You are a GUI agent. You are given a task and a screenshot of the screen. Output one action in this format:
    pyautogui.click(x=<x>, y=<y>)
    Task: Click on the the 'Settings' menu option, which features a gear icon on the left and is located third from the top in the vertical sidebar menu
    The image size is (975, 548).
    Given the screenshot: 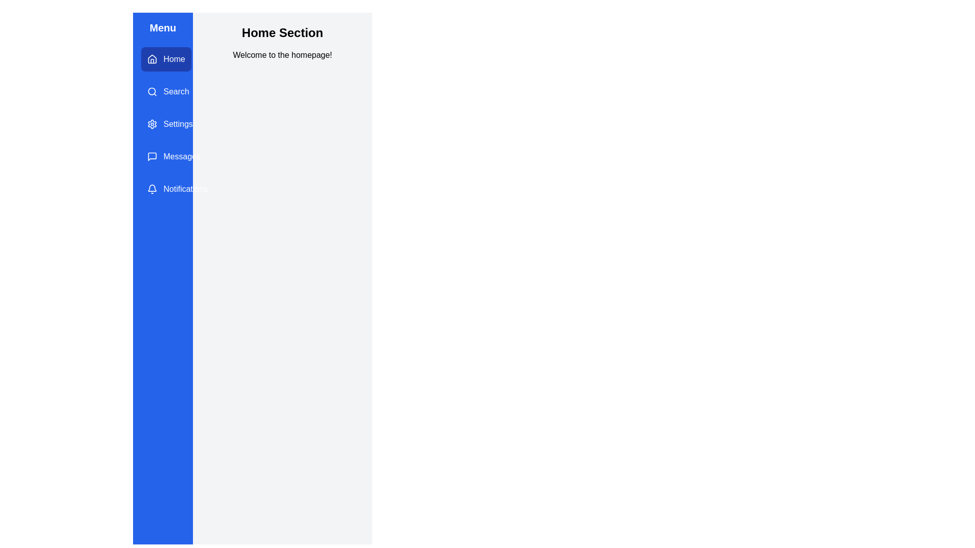 What is the action you would take?
    pyautogui.click(x=170, y=124)
    